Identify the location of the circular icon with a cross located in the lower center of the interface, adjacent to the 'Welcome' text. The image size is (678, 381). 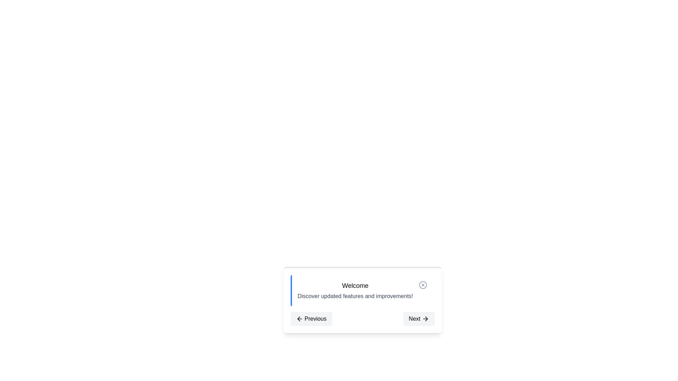
(423, 284).